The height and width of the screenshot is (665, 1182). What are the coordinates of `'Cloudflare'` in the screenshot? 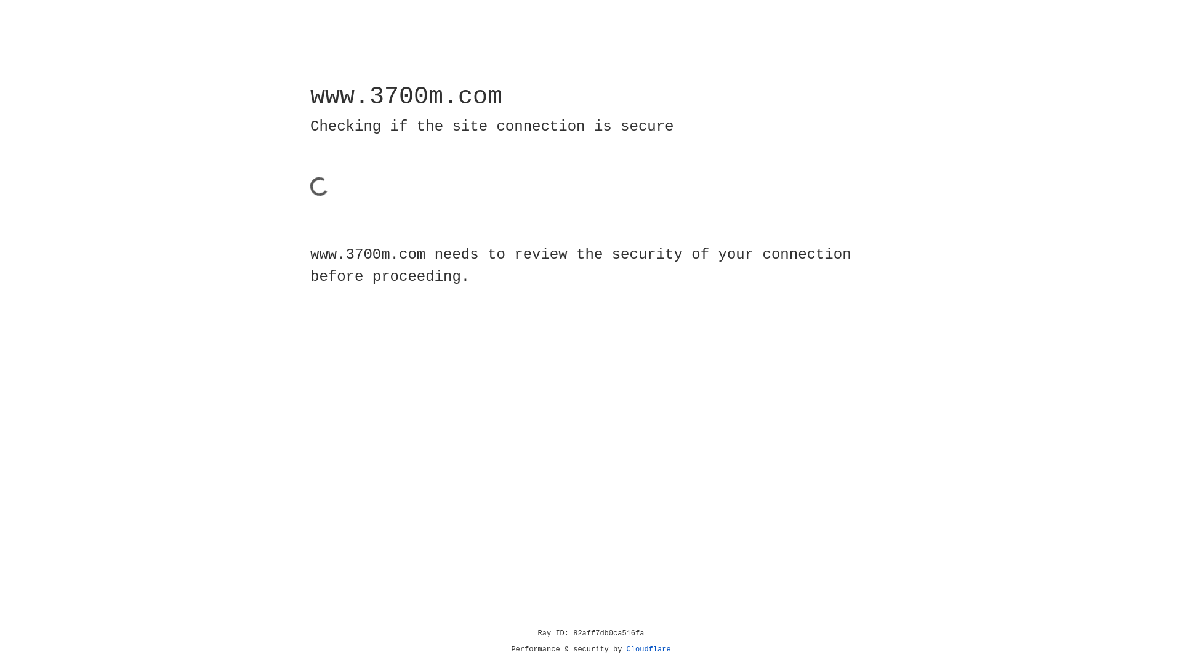 It's located at (648, 649).